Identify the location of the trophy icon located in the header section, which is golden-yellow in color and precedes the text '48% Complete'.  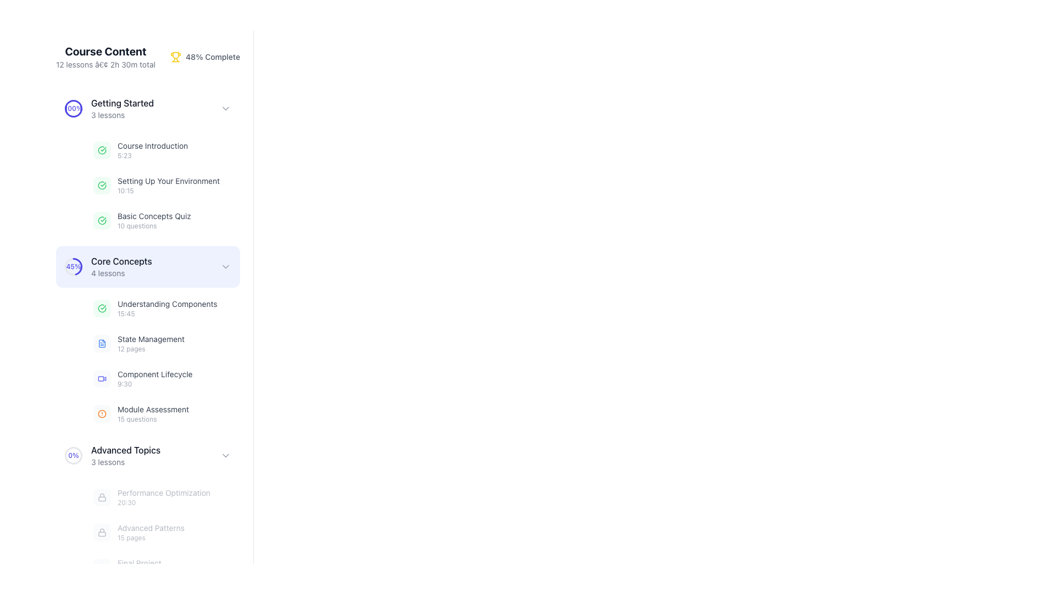
(176, 57).